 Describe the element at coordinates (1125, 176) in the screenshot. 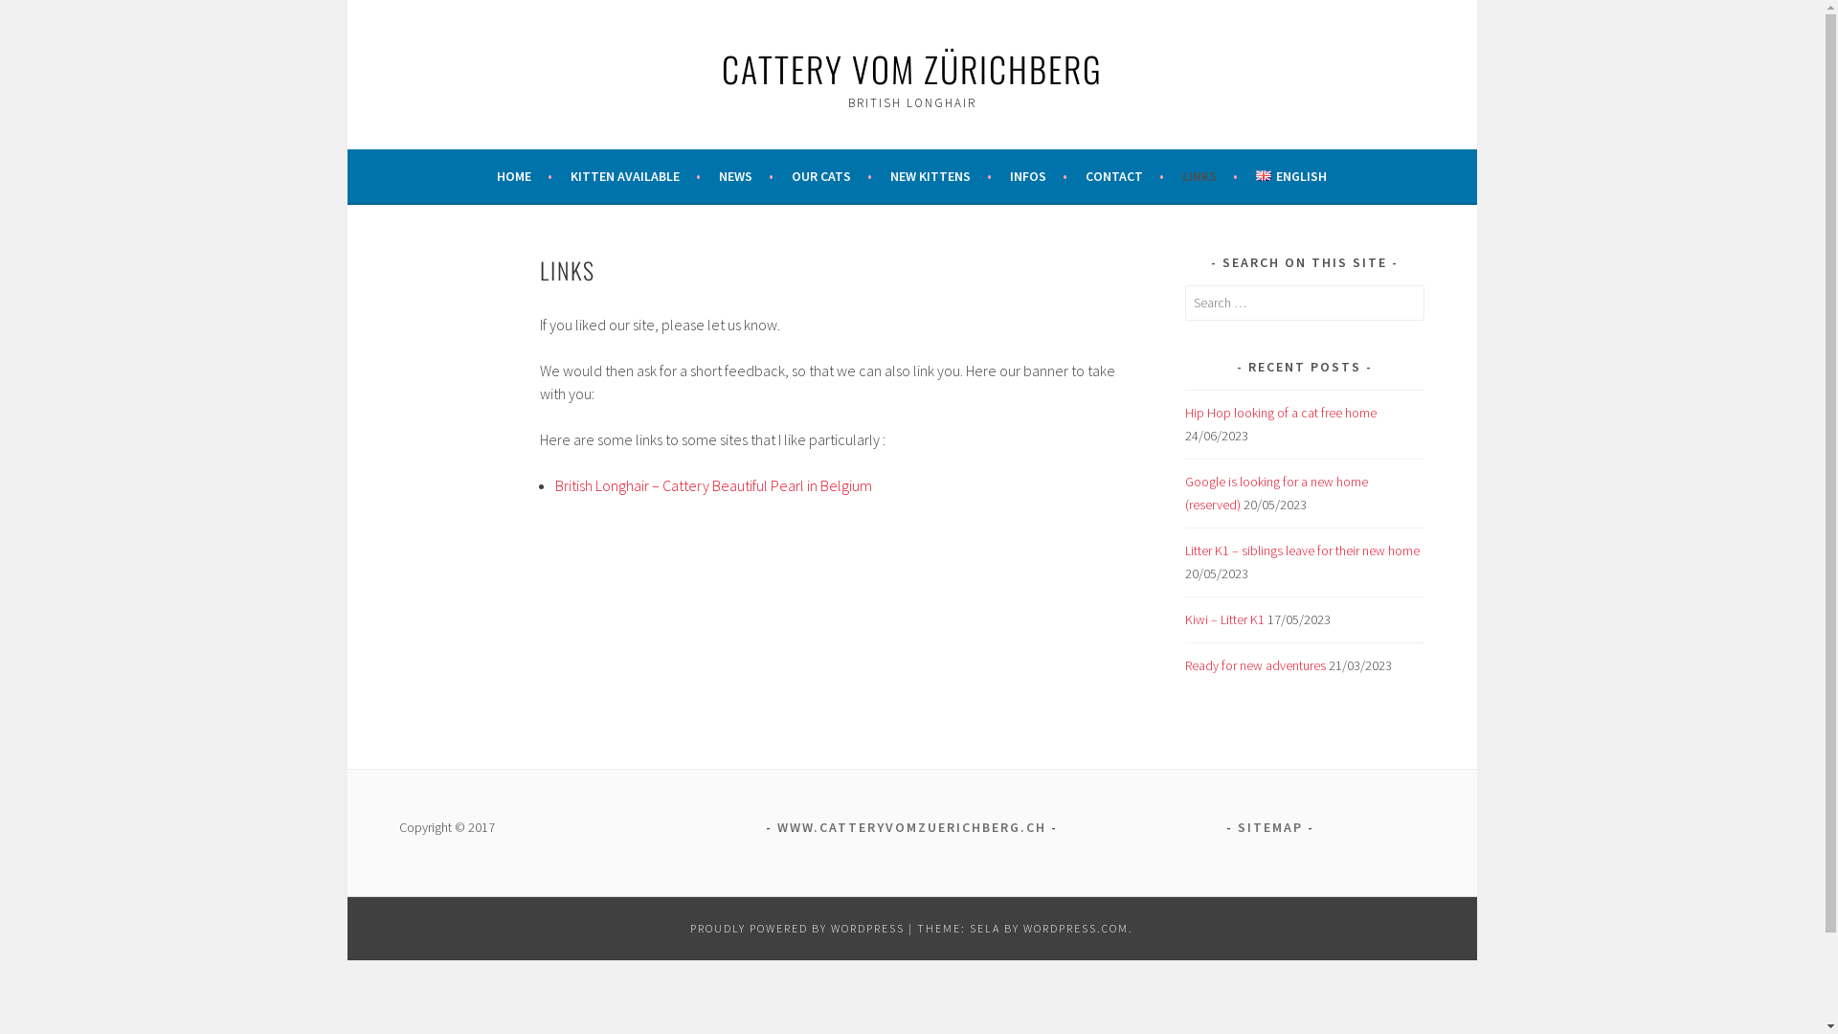

I see `'CONTACT'` at that location.